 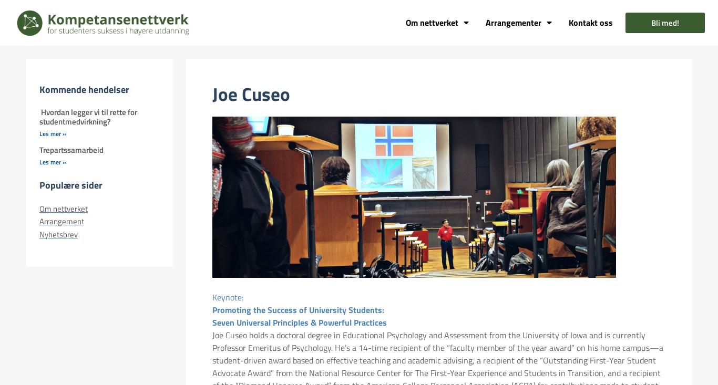 I want to click on 'Kontakt oss', so click(x=568, y=22).